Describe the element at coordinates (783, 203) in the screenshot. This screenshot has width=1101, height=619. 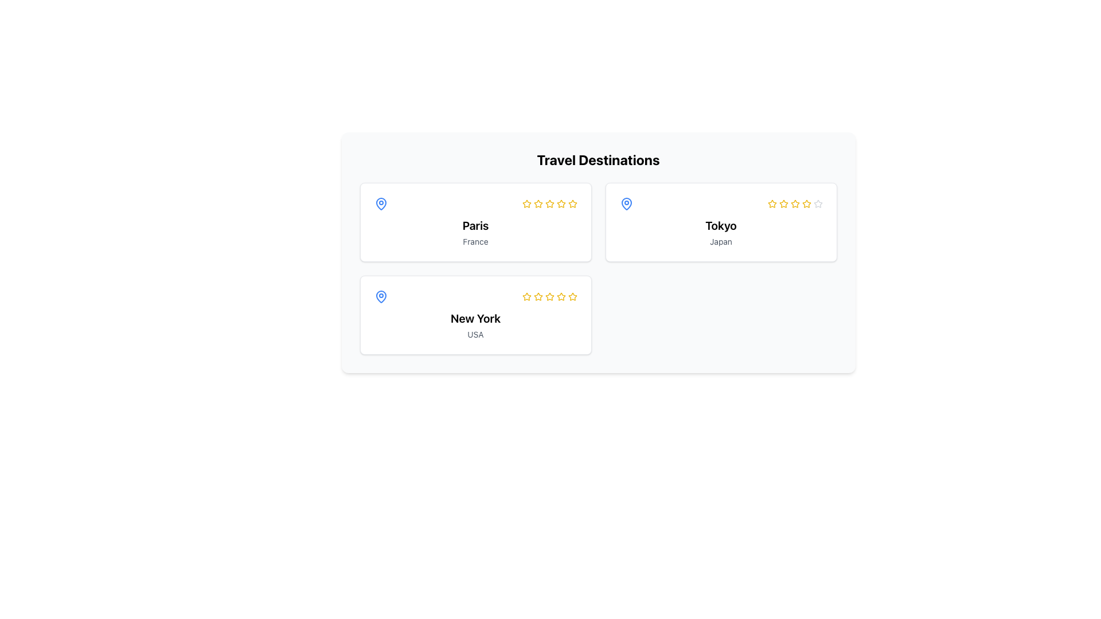
I see `the third star icon in the rating sequence for the 'Tokyo, Japan' card` at that location.